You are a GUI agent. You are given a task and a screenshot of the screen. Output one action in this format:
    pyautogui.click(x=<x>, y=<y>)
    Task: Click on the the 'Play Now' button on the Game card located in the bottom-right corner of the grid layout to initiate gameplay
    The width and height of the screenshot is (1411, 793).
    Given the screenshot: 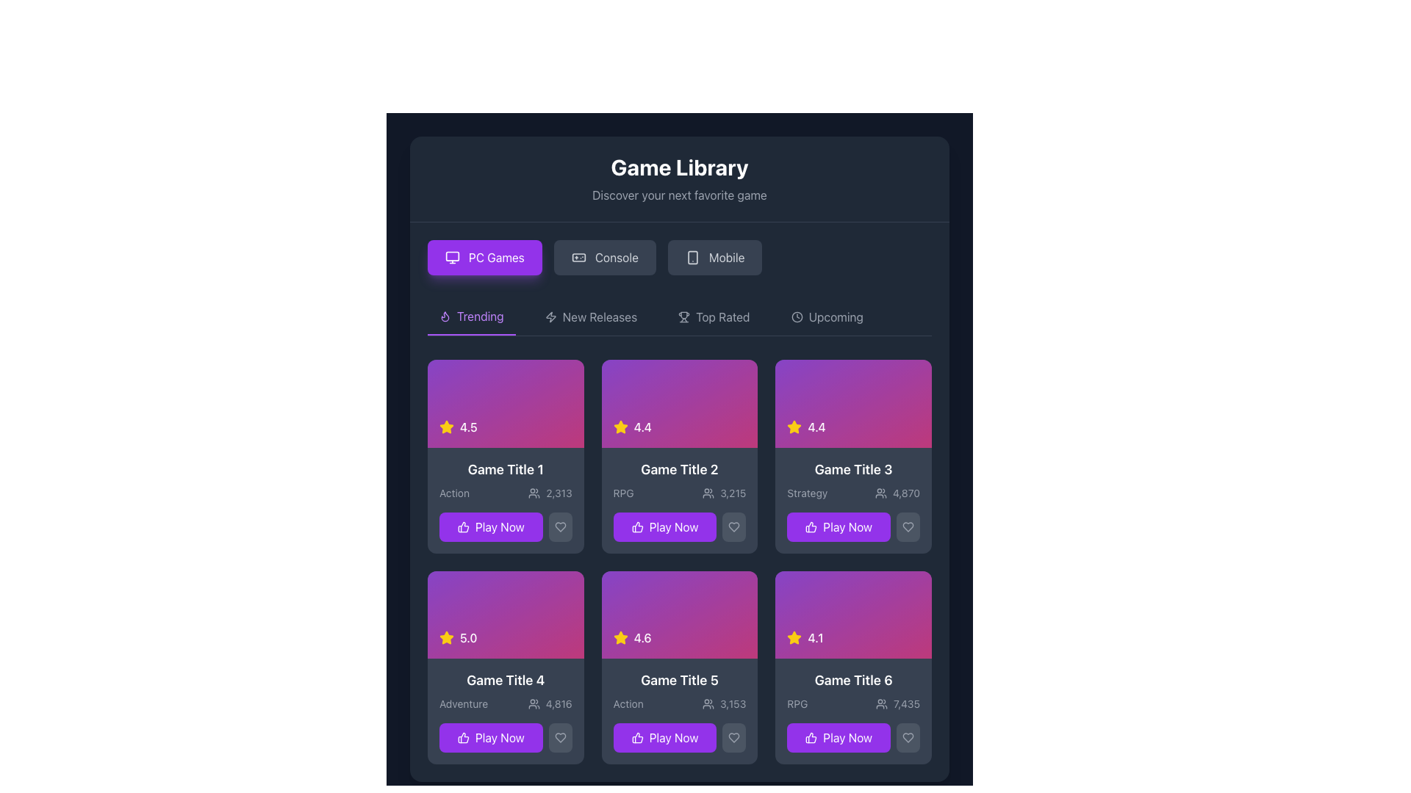 What is the action you would take?
    pyautogui.click(x=853, y=711)
    